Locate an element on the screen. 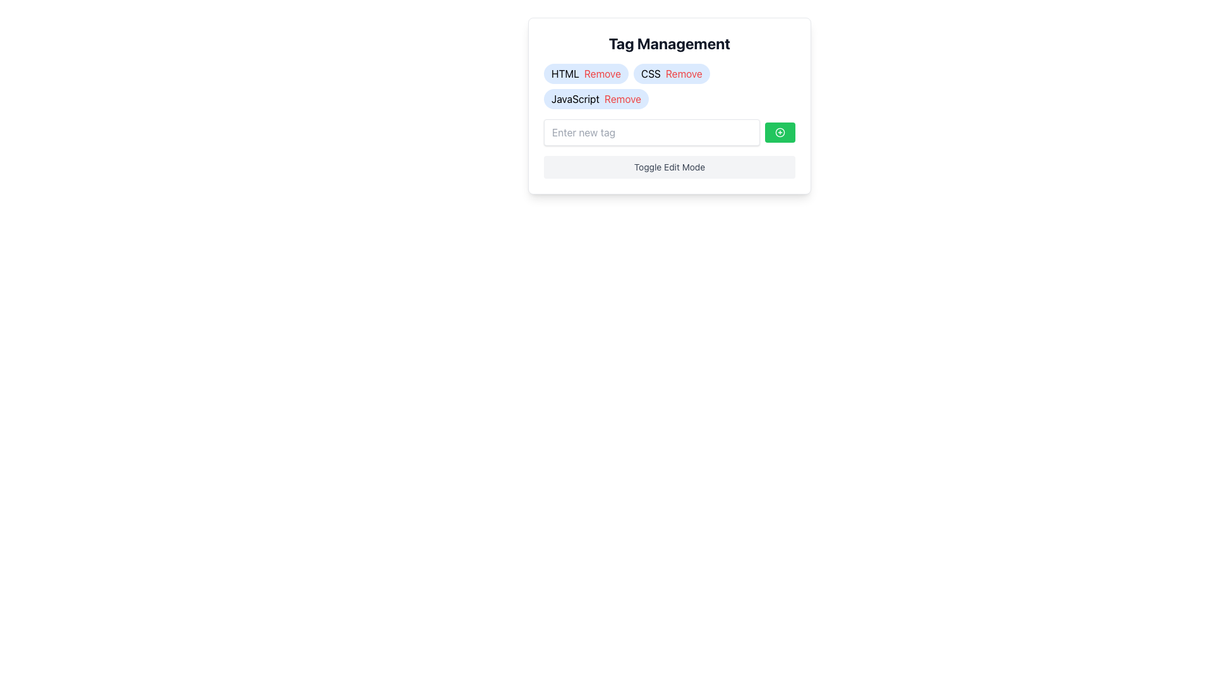  the green button with a rounded rectangle shape featuring a white plus sign icon, located to the right of the 'Enter new tag' text input field in the 'Tag Management' interface is located at coordinates (779, 132).